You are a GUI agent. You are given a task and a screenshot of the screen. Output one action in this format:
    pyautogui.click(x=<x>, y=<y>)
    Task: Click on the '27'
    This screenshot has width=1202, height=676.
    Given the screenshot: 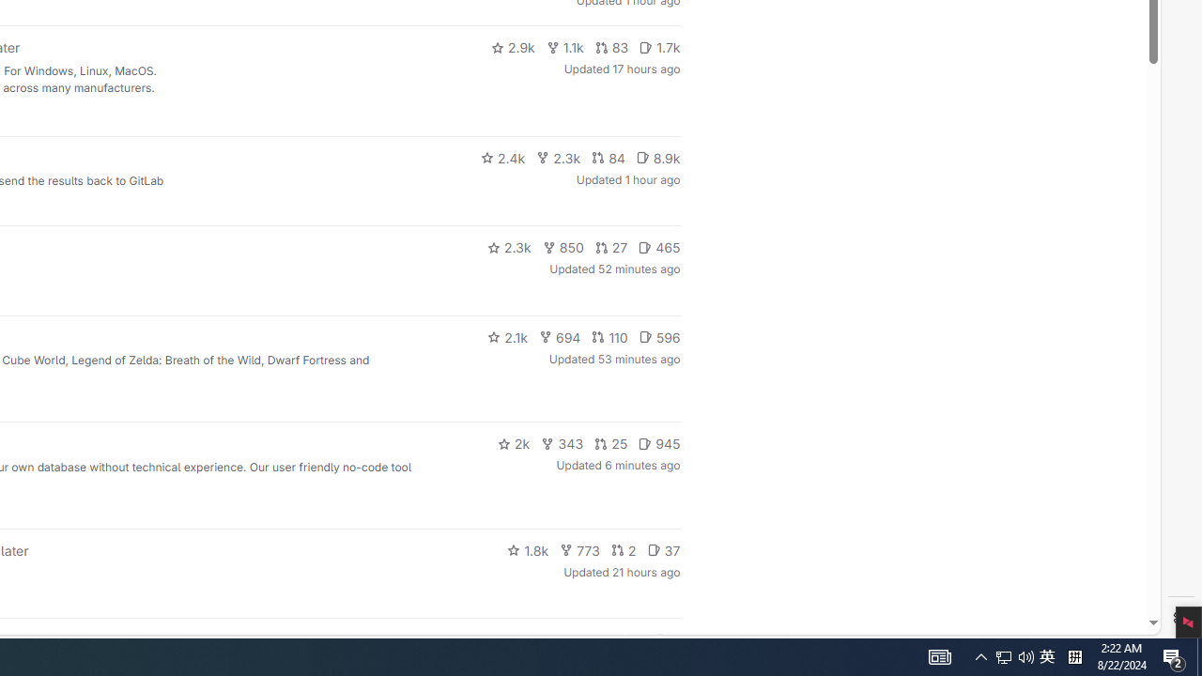 What is the action you would take?
    pyautogui.click(x=611, y=246)
    